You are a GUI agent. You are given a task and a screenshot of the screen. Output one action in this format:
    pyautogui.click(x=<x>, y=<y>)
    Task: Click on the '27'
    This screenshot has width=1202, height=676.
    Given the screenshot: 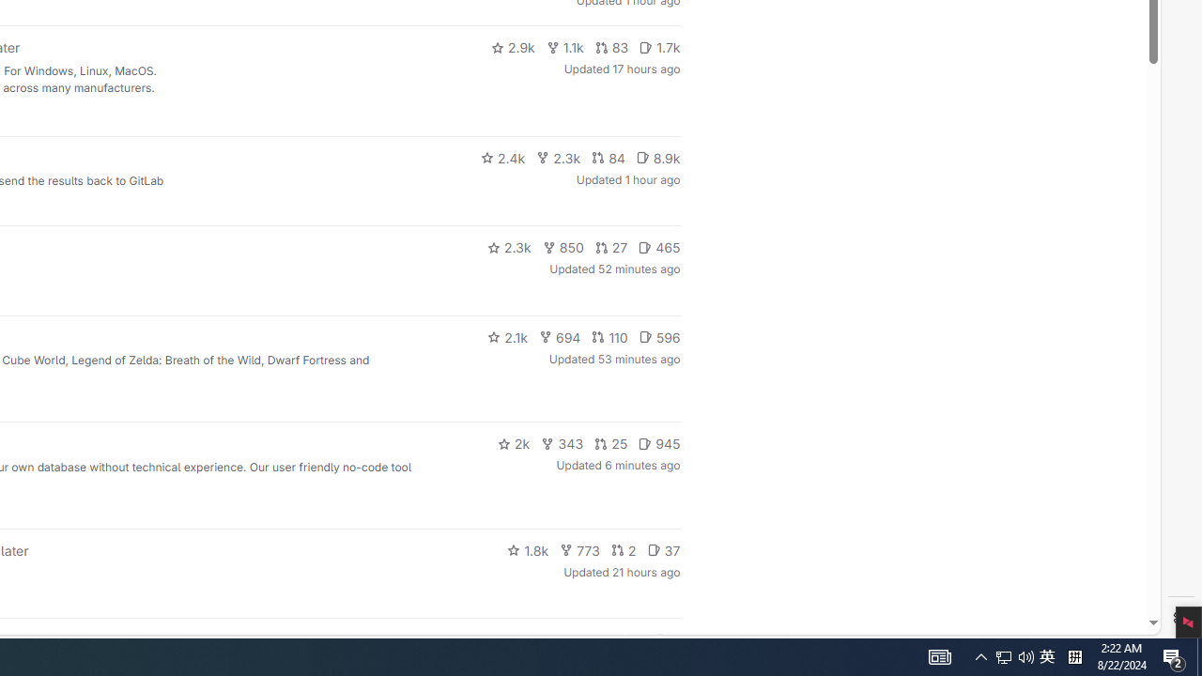 What is the action you would take?
    pyautogui.click(x=611, y=246)
    